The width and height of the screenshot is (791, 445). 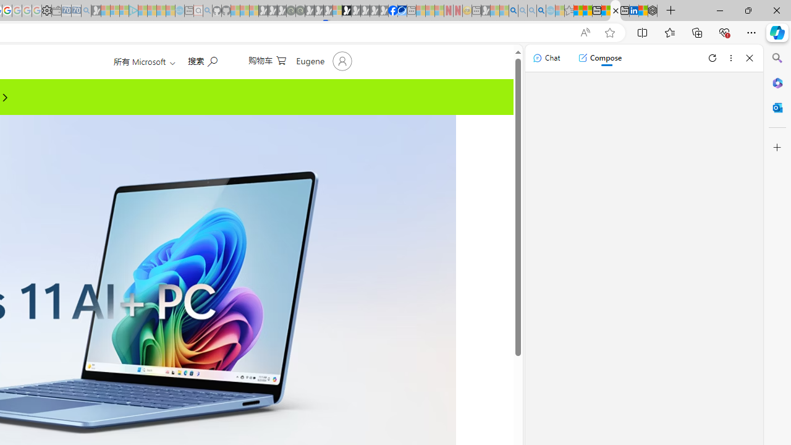 I want to click on 'Google Chrome Internet Browser Download - Search Images', so click(x=541, y=11).